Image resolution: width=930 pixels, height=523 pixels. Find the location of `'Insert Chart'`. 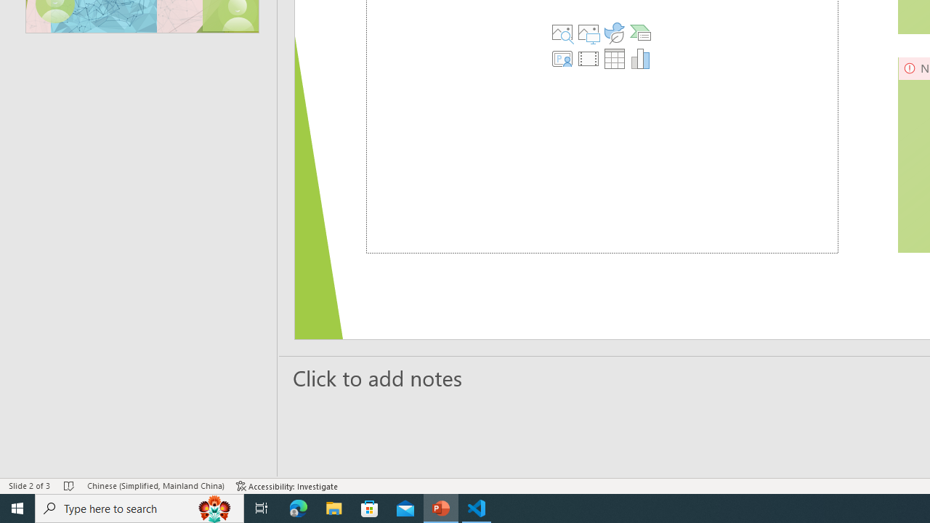

'Insert Chart' is located at coordinates (640, 58).